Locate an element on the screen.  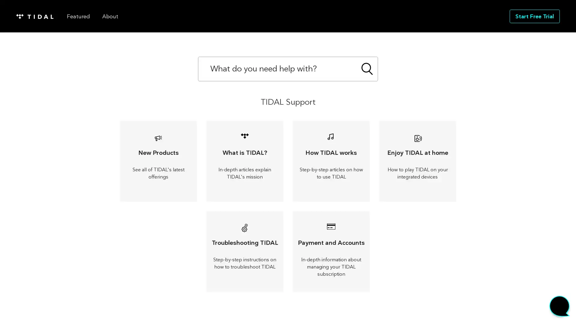
Start chat is located at coordinates (559, 307).